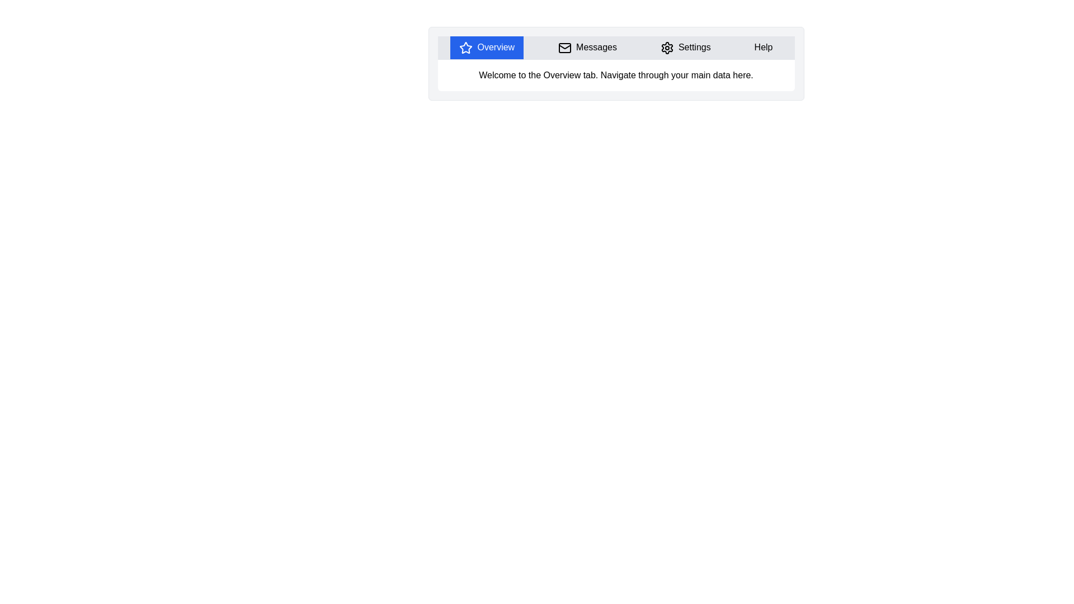 Image resolution: width=1074 pixels, height=604 pixels. I want to click on the tab labeled Messages to observe its hover effects, so click(587, 47).